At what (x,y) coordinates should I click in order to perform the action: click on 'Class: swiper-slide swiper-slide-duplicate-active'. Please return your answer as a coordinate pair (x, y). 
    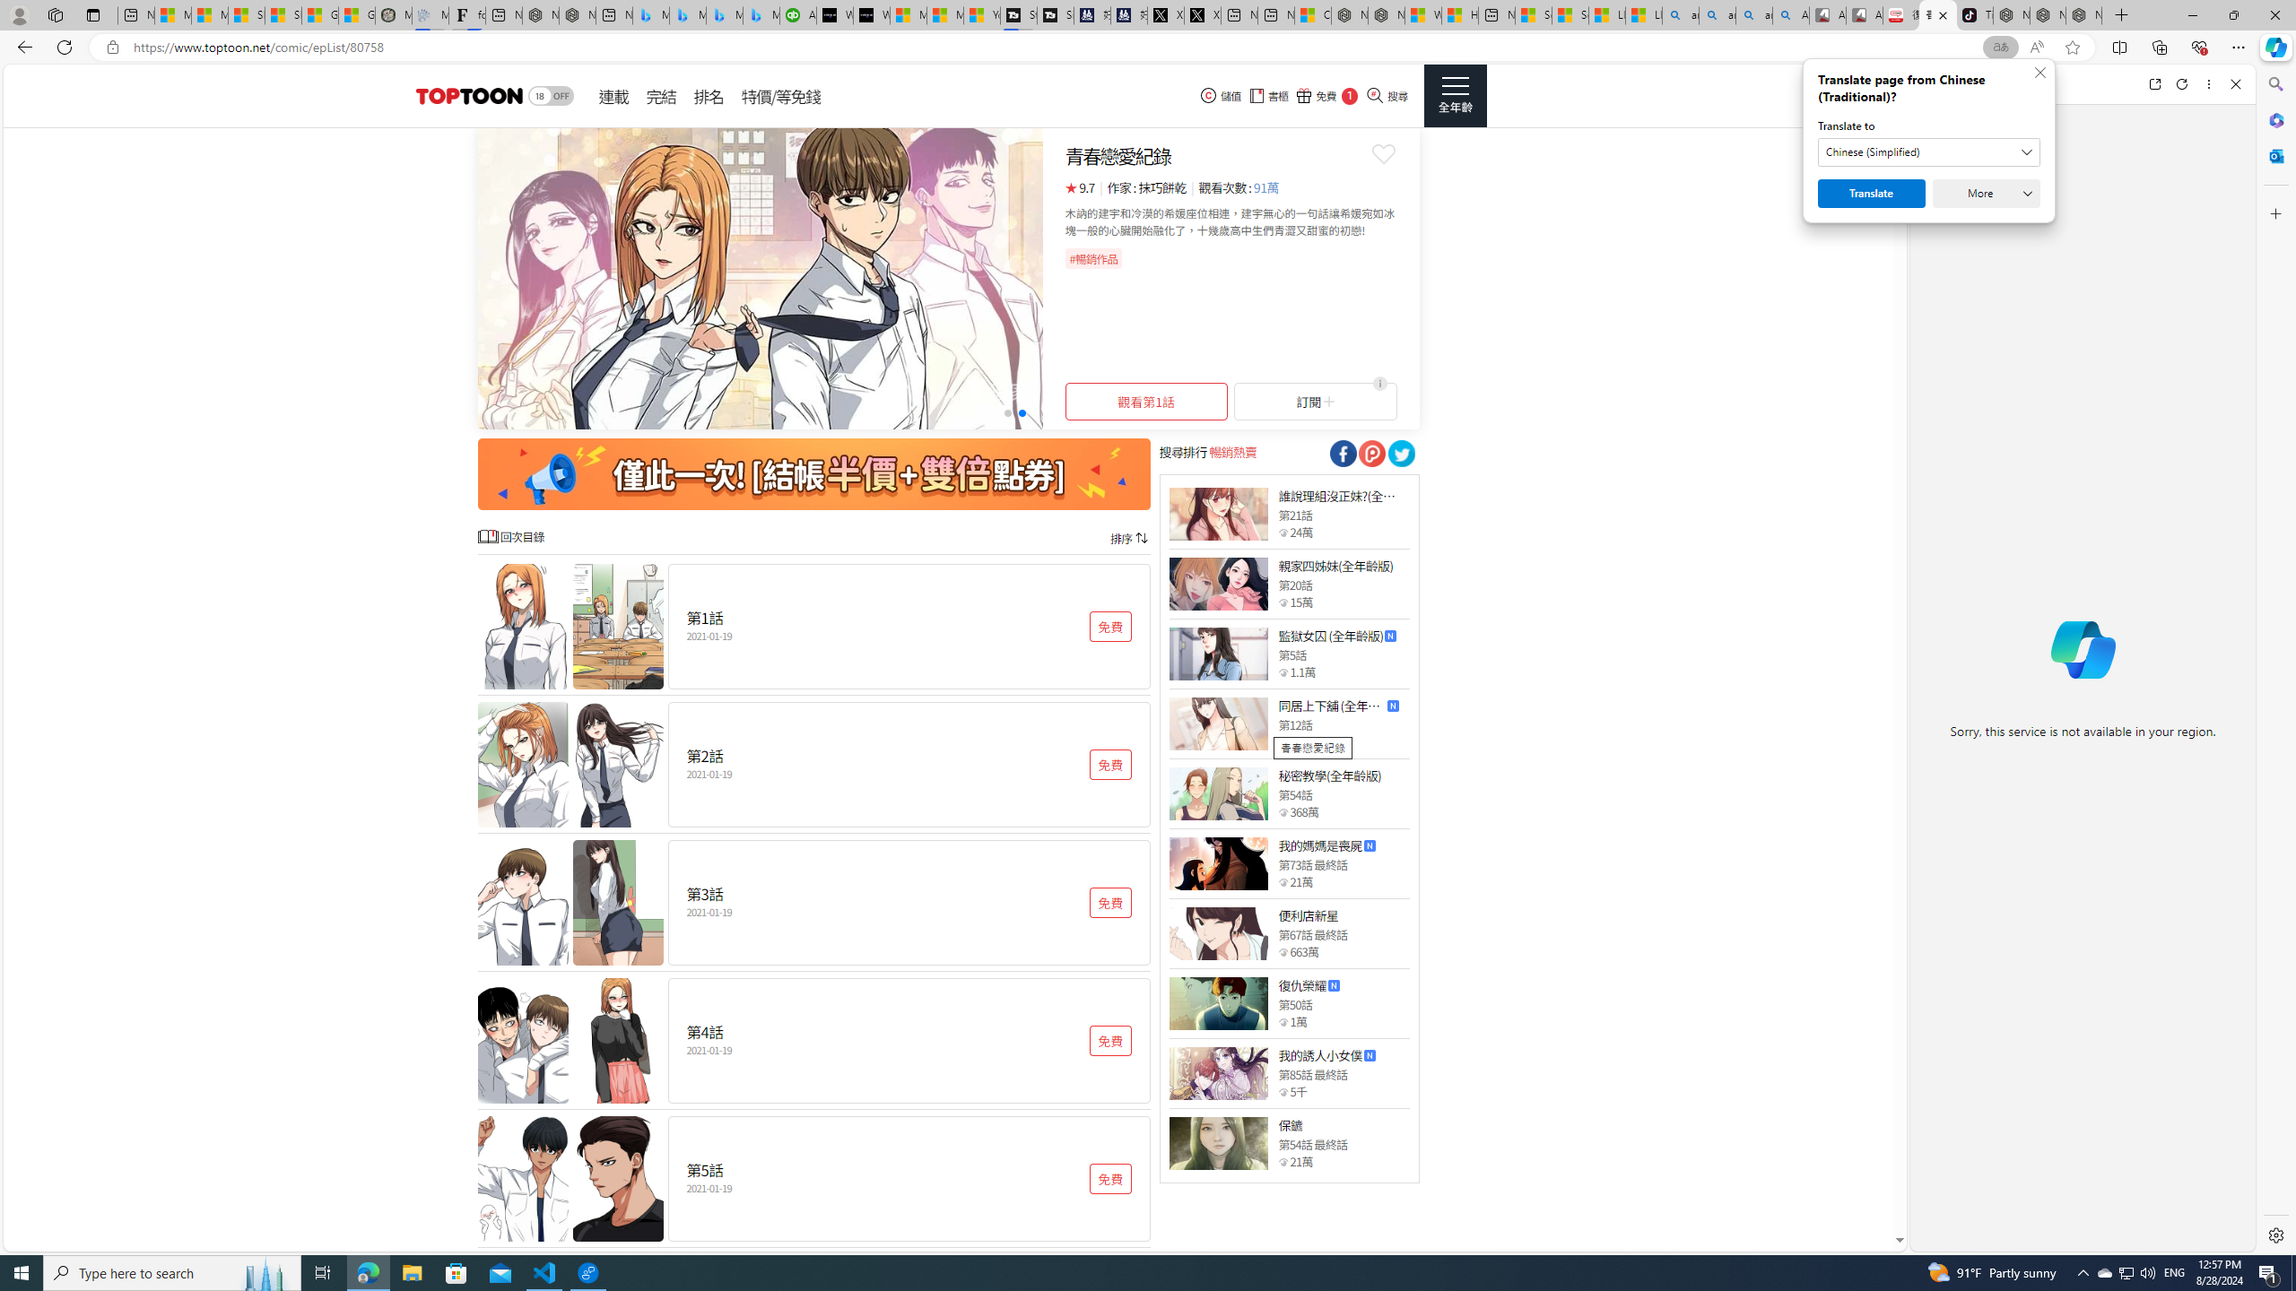
    Looking at the image, I should click on (760, 278).